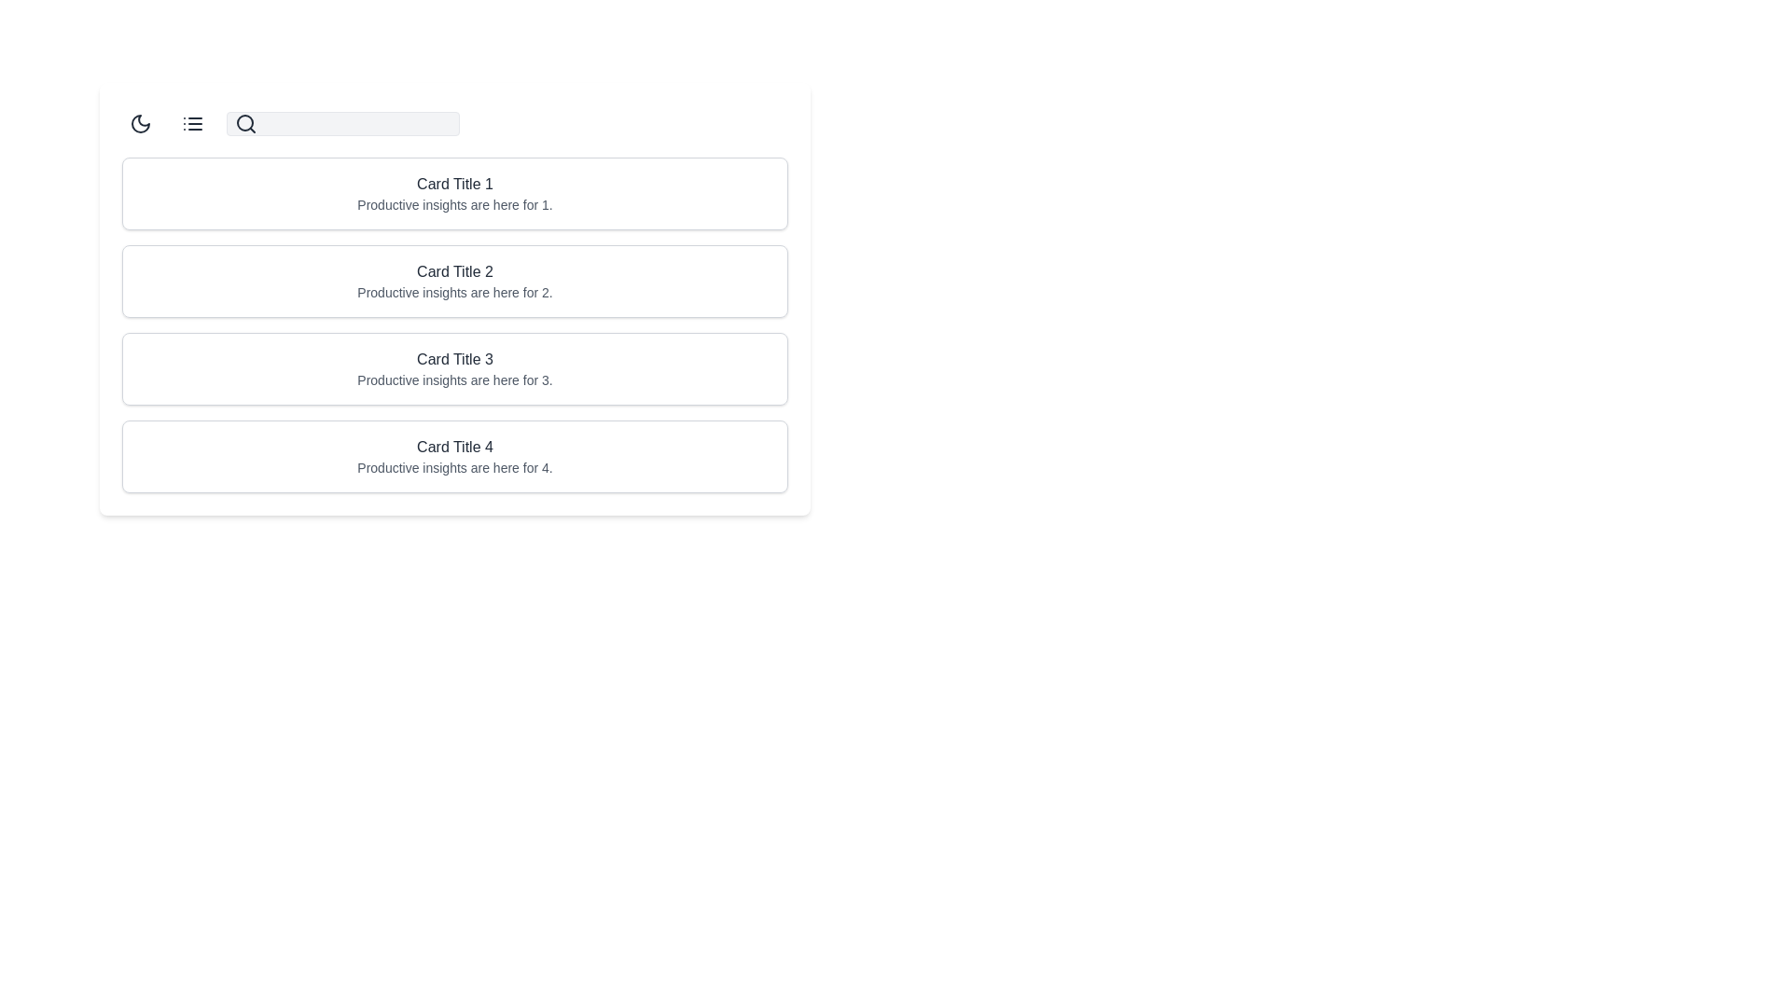  What do you see at coordinates (455, 447) in the screenshot?
I see `the text element displaying 'Card Title 4' for navigation or action, located at the top of the fourth card in the list` at bounding box center [455, 447].